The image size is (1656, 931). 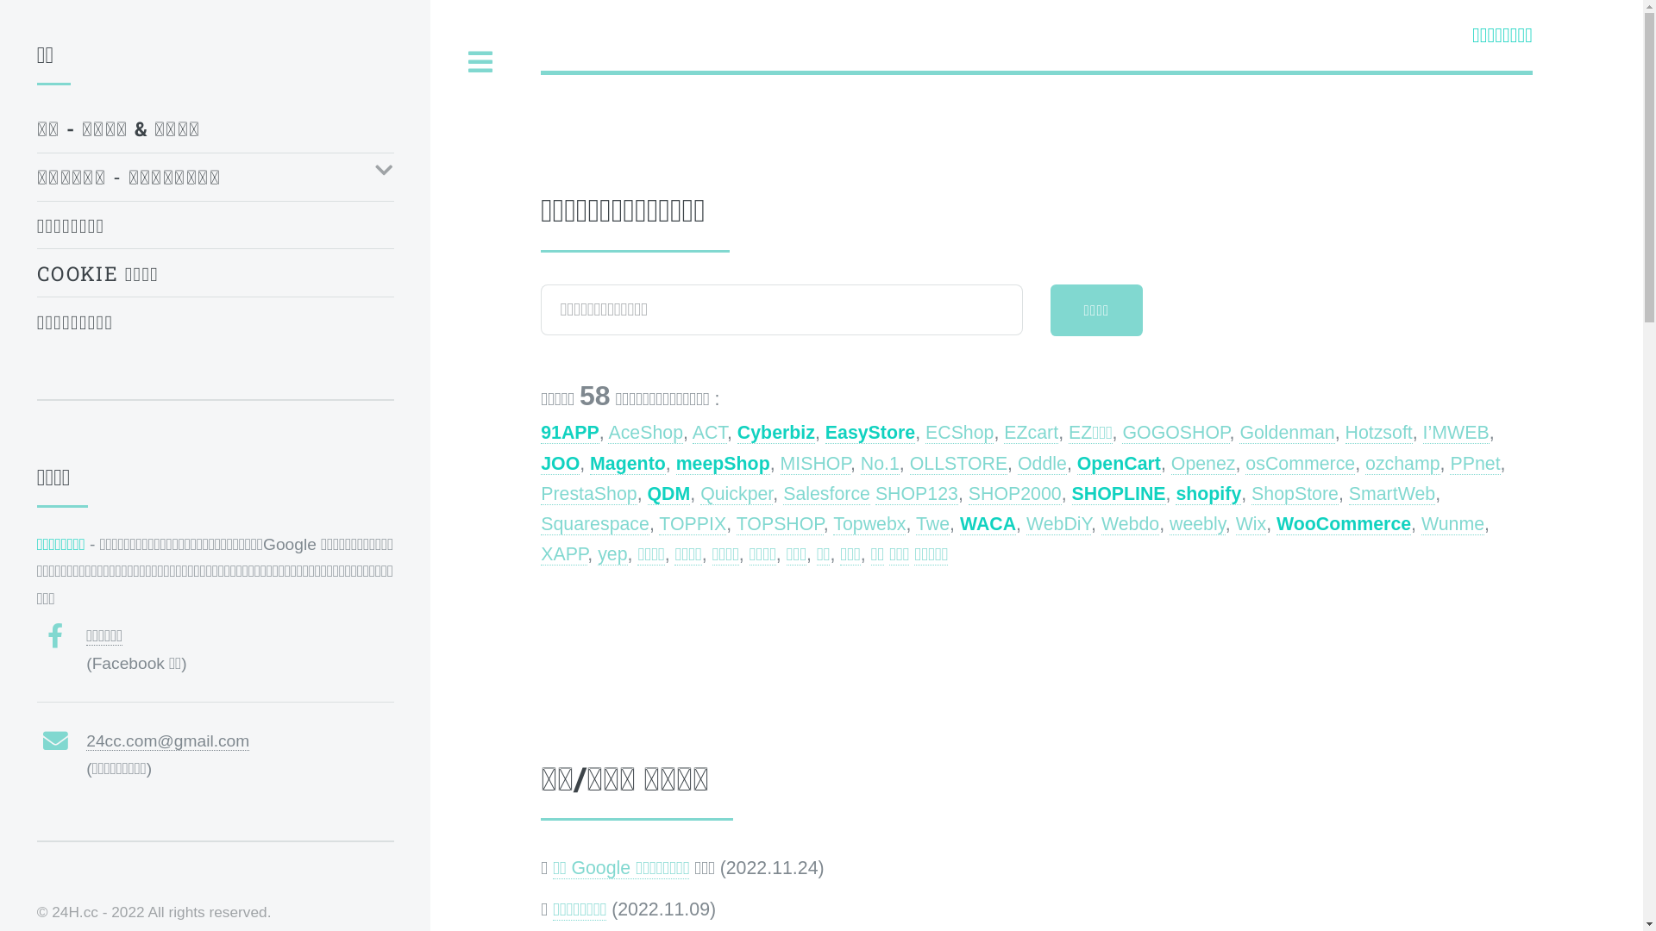 I want to click on 'shopify', so click(x=1207, y=494).